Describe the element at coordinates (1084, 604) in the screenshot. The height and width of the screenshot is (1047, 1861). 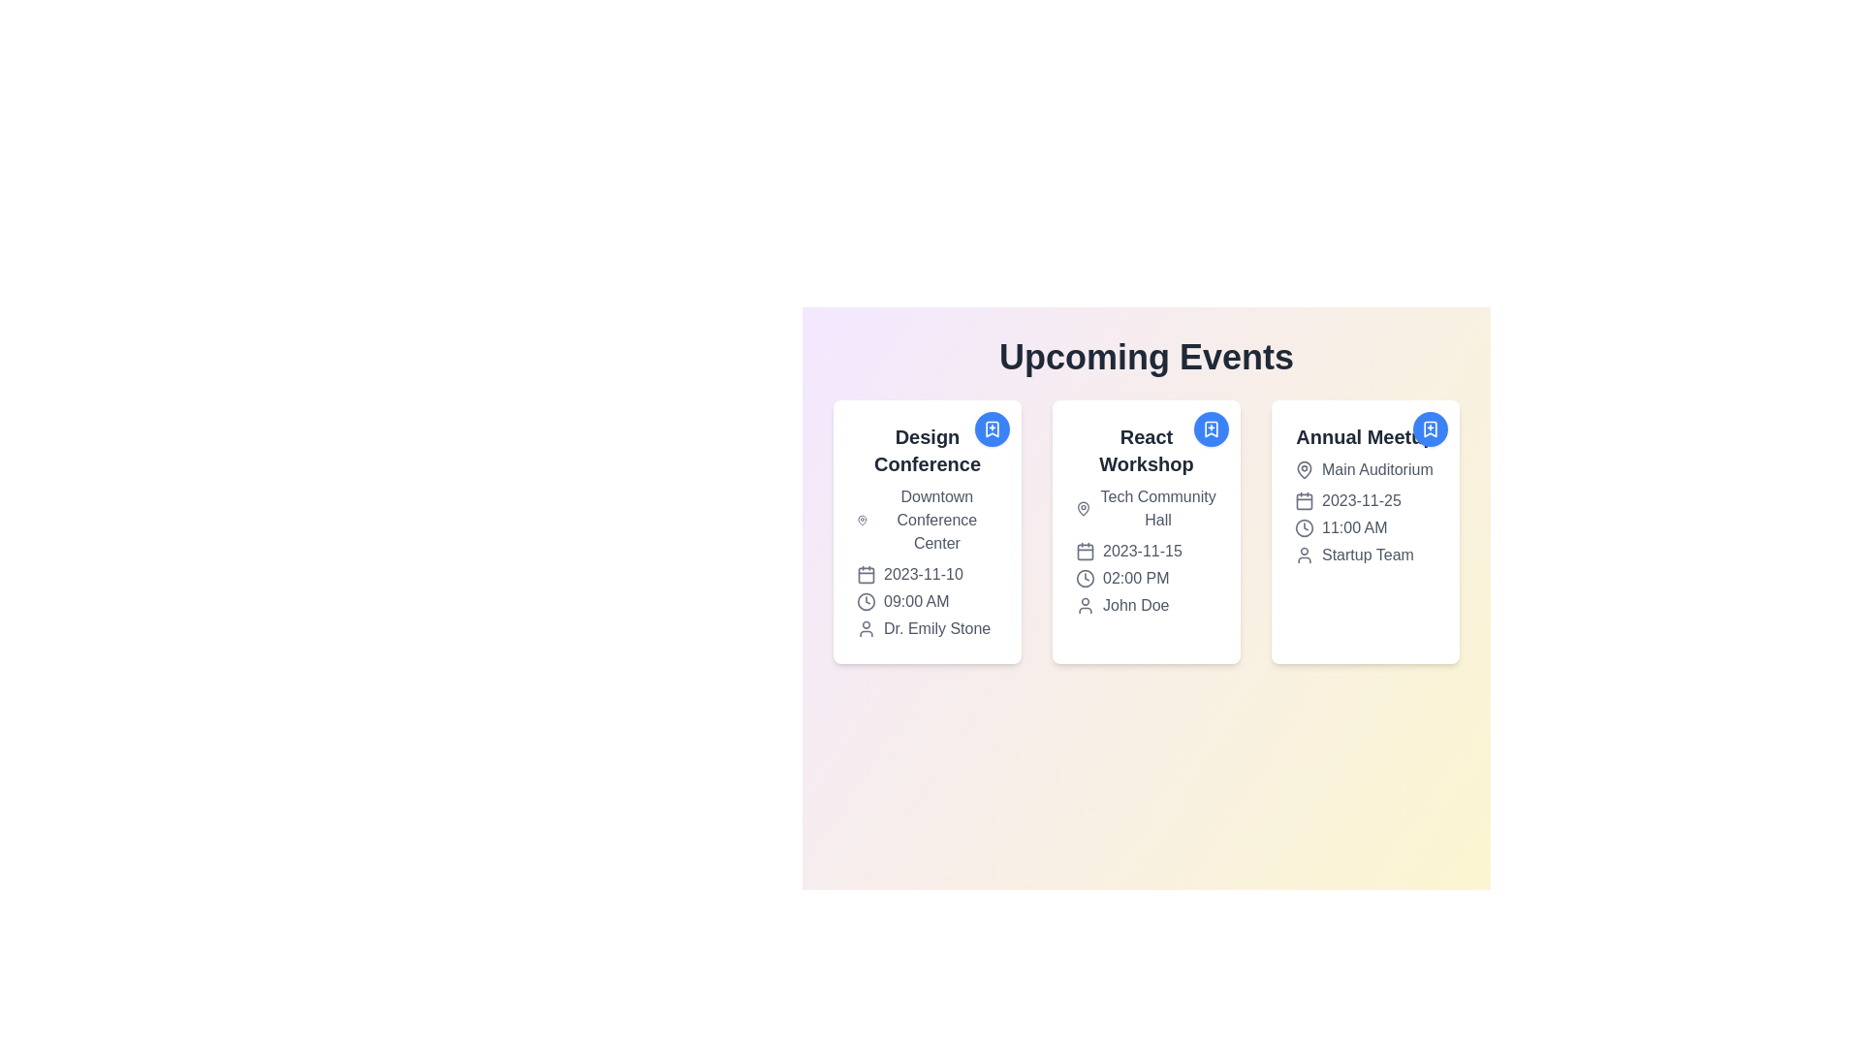
I see `the user silhouette icon, which is gray and appears to the left of the text 'John Doe' in the second card of the 'Upcoming Events' section` at that location.